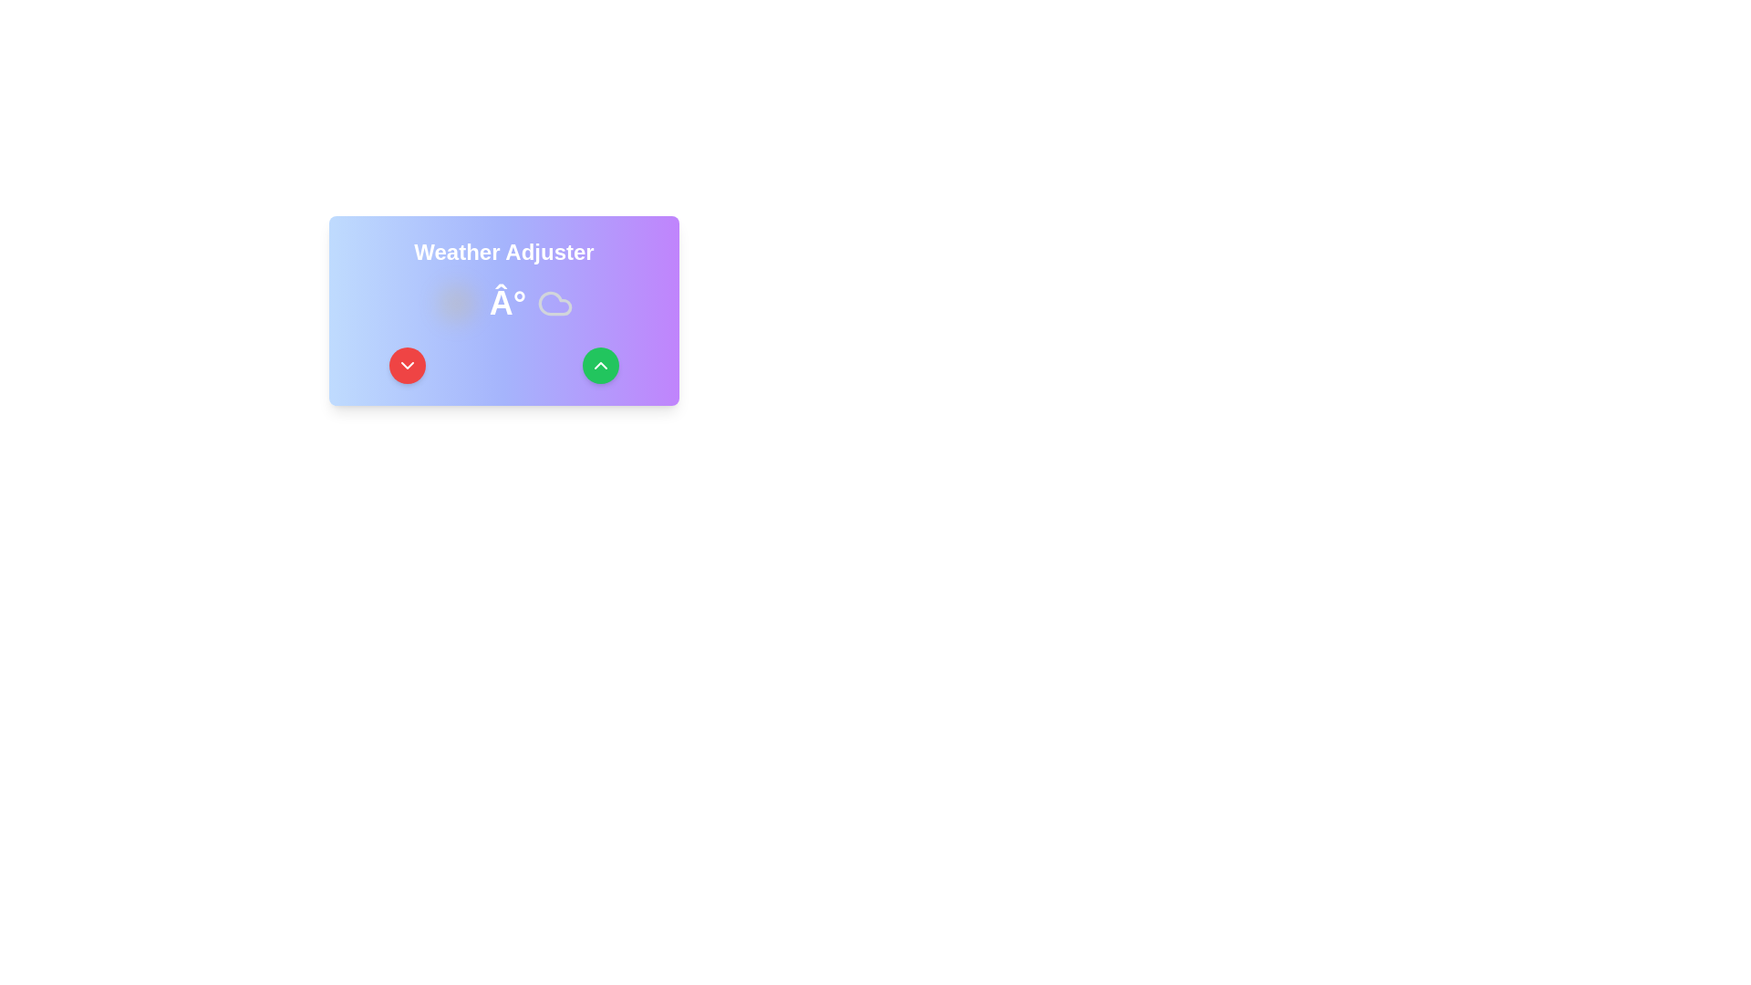  What do you see at coordinates (406, 366) in the screenshot?
I see `the circular red button with a white downward-facing chevron icon located at the bottom of the weather adjustment panel, directly below the text 'Weather Adjuster' to trigger a hover effect` at bounding box center [406, 366].